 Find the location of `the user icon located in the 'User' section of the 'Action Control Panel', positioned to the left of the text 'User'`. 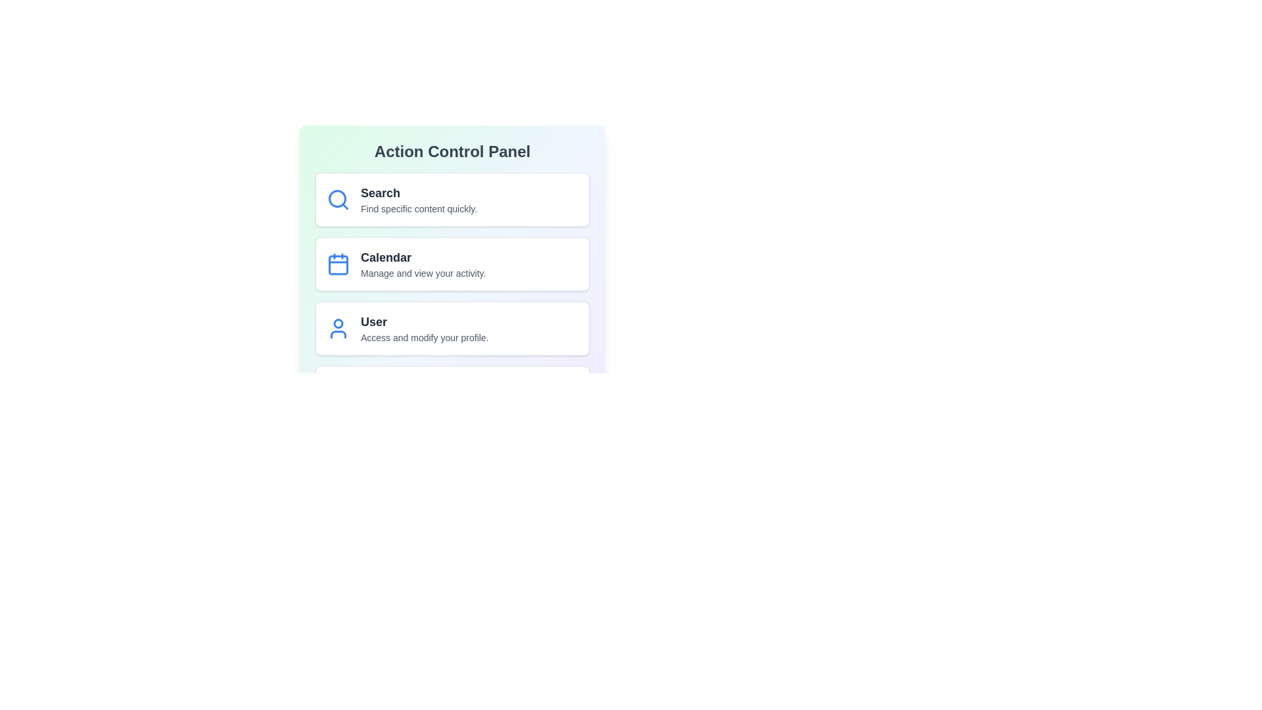

the user icon located in the 'User' section of the 'Action Control Panel', positioned to the left of the text 'User' is located at coordinates (338, 328).